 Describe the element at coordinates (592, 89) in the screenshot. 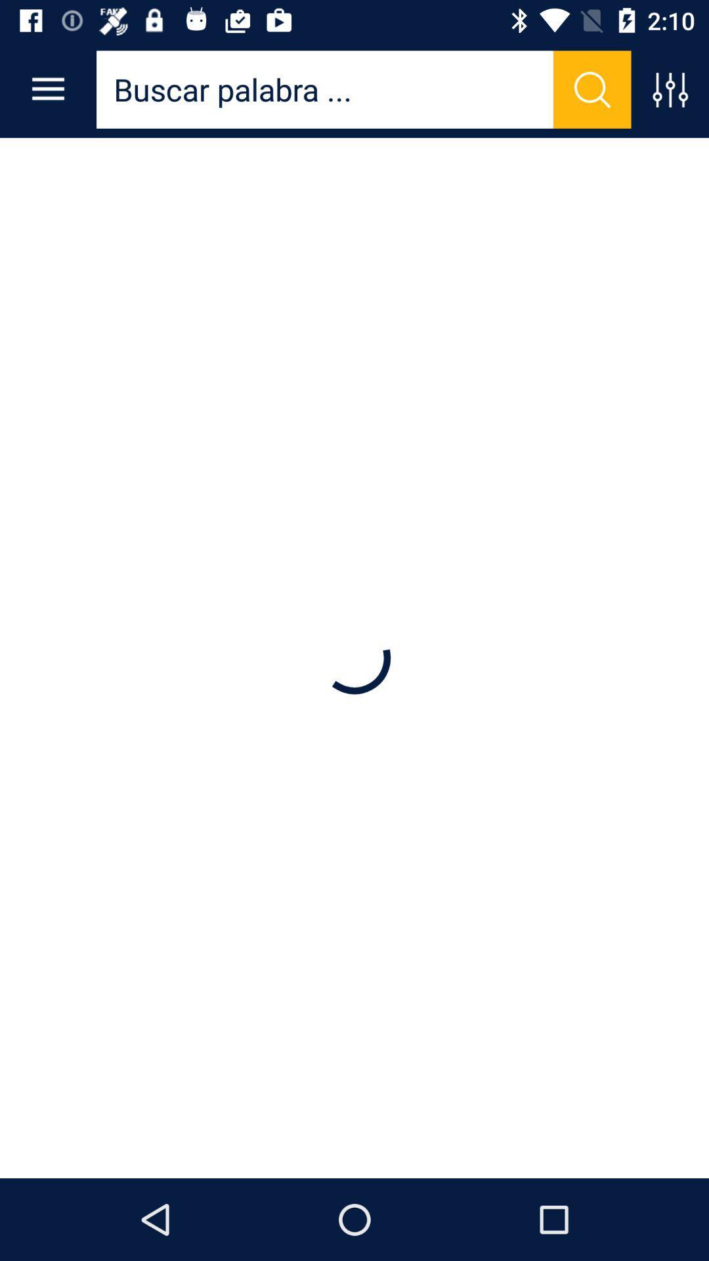

I see `search button` at that location.